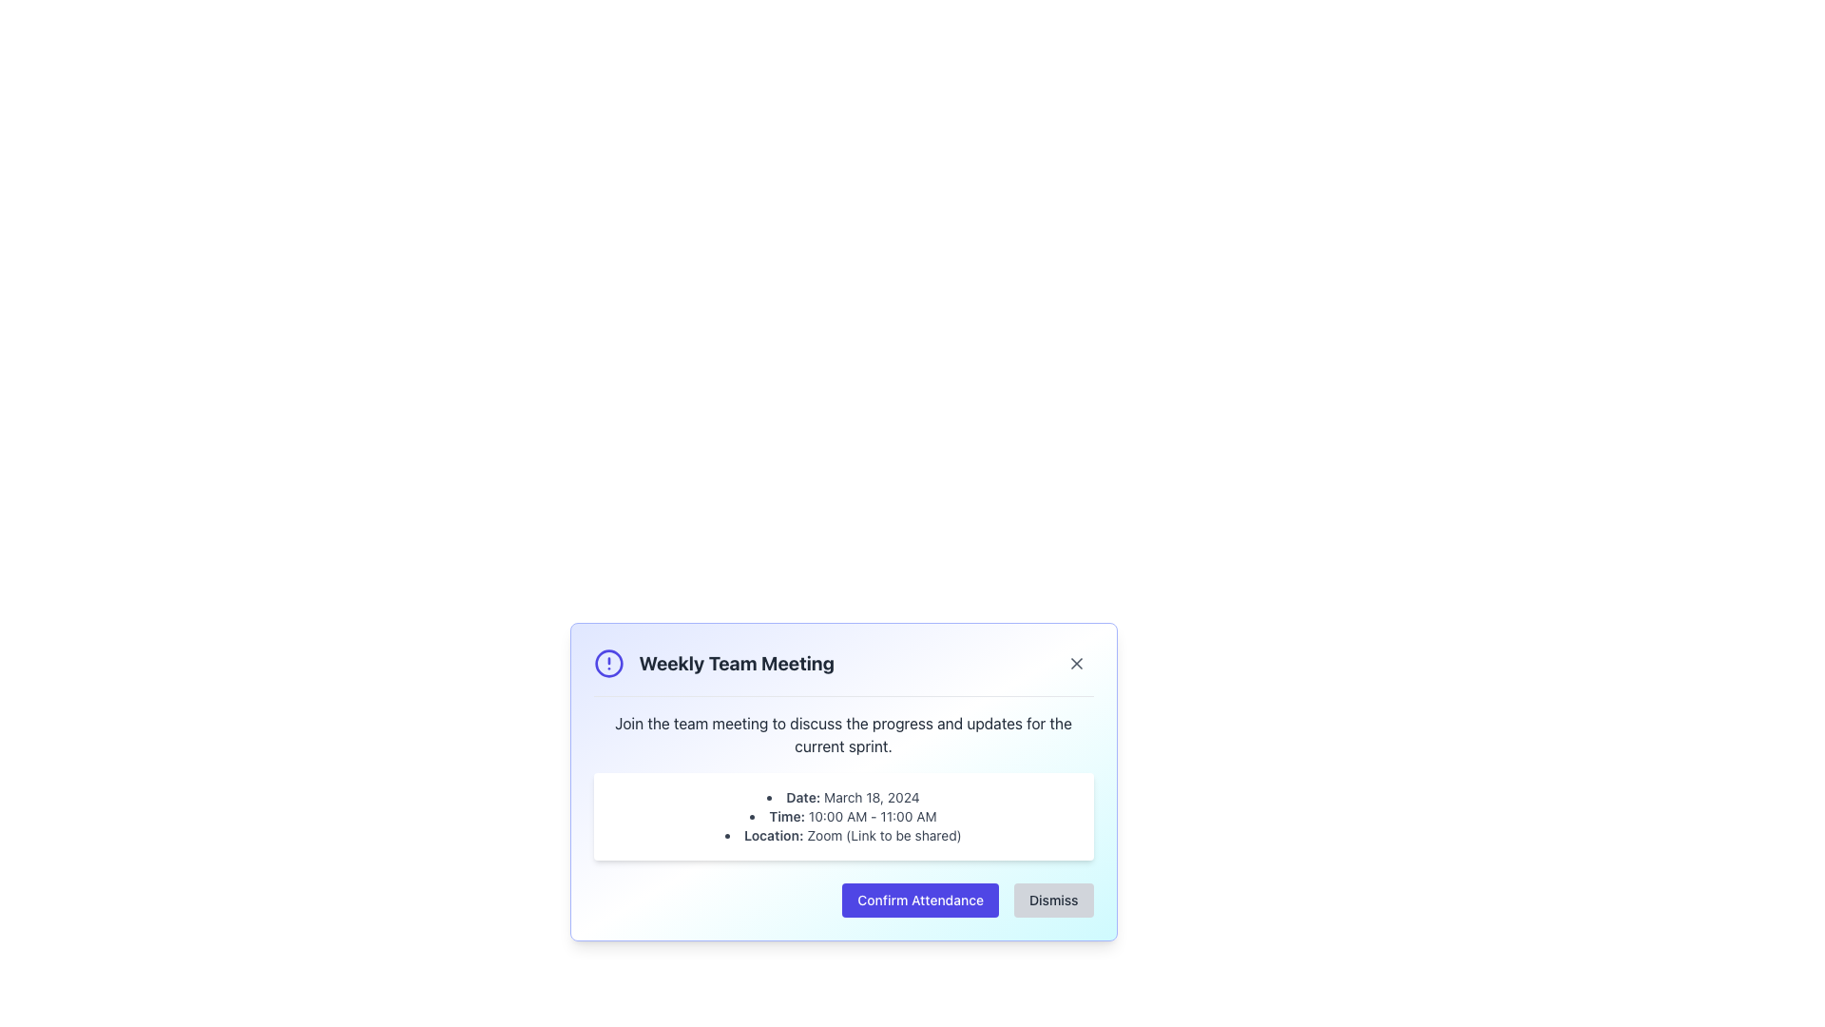  Describe the element at coordinates (842, 785) in the screenshot. I see `the Informational text block displaying details about the upcoming team meeting, located below 'Weekly Team Meeting' and above the buttons 'Confirm Attendance' and 'Dismiss'` at that location.